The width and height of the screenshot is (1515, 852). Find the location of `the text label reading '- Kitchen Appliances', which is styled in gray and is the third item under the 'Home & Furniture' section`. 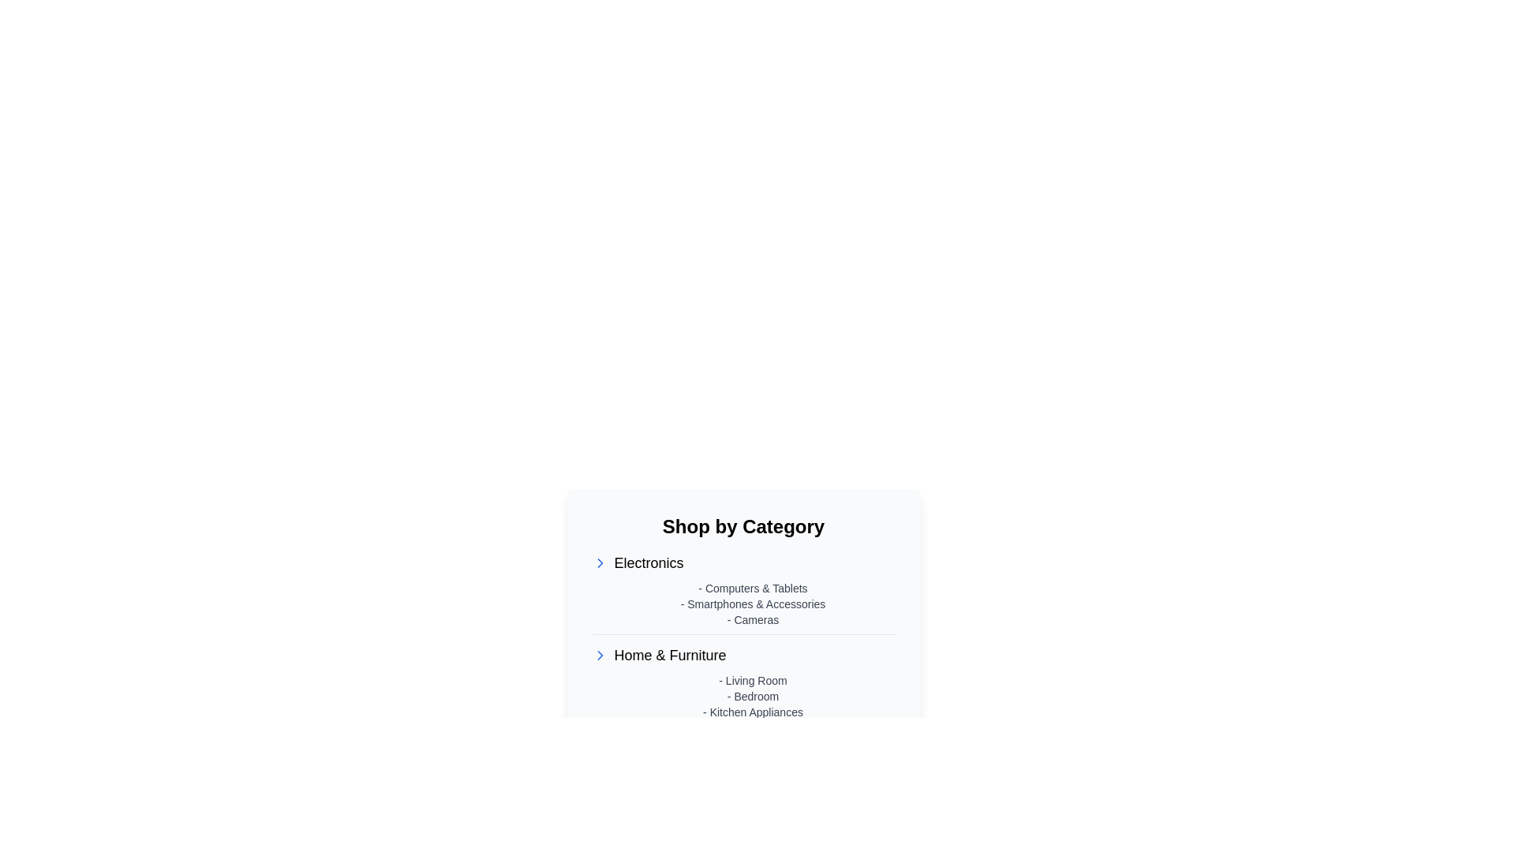

the text label reading '- Kitchen Appliances', which is styled in gray and is the third item under the 'Home & Furniture' section is located at coordinates (752, 712).